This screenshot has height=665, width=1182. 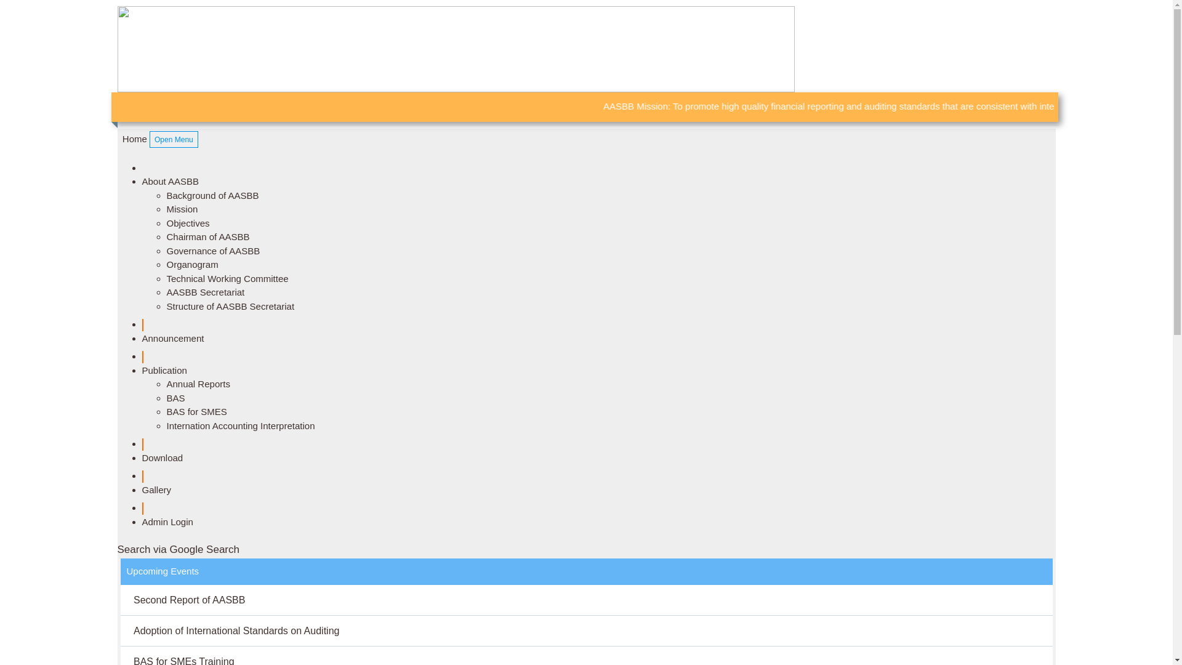 I want to click on 'Publication', so click(x=163, y=369).